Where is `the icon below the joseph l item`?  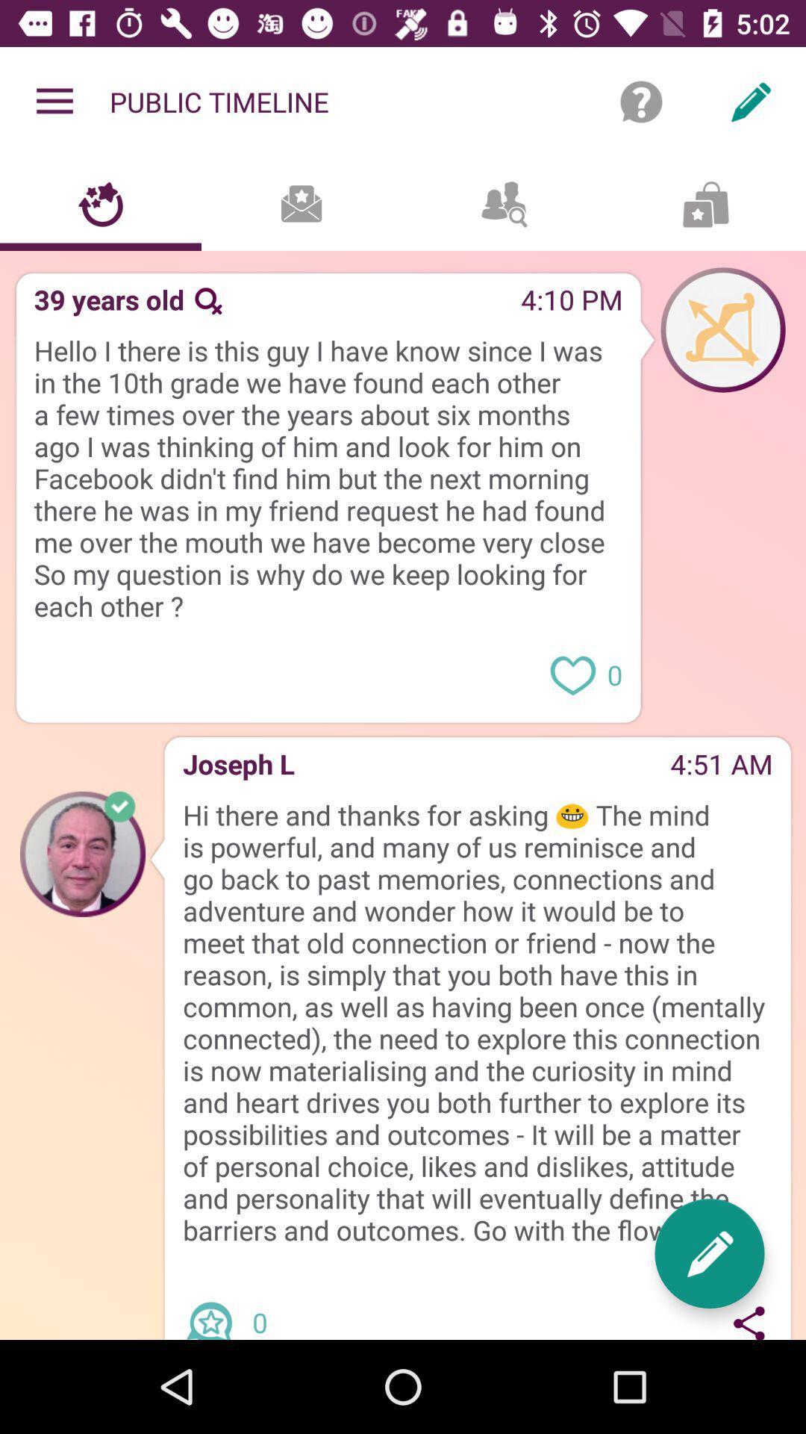
the icon below the joseph l item is located at coordinates (478, 1022).